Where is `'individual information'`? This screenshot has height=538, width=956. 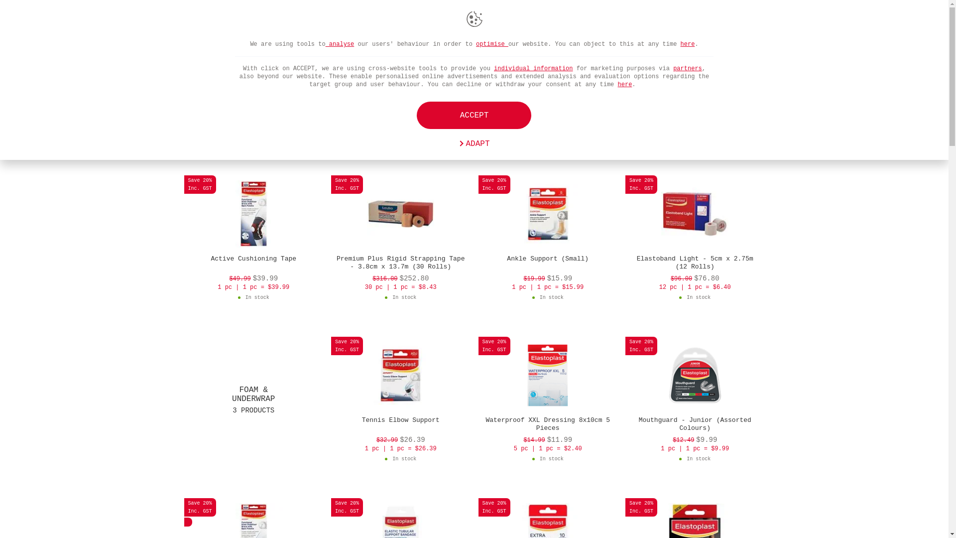 'individual information' is located at coordinates (532, 68).